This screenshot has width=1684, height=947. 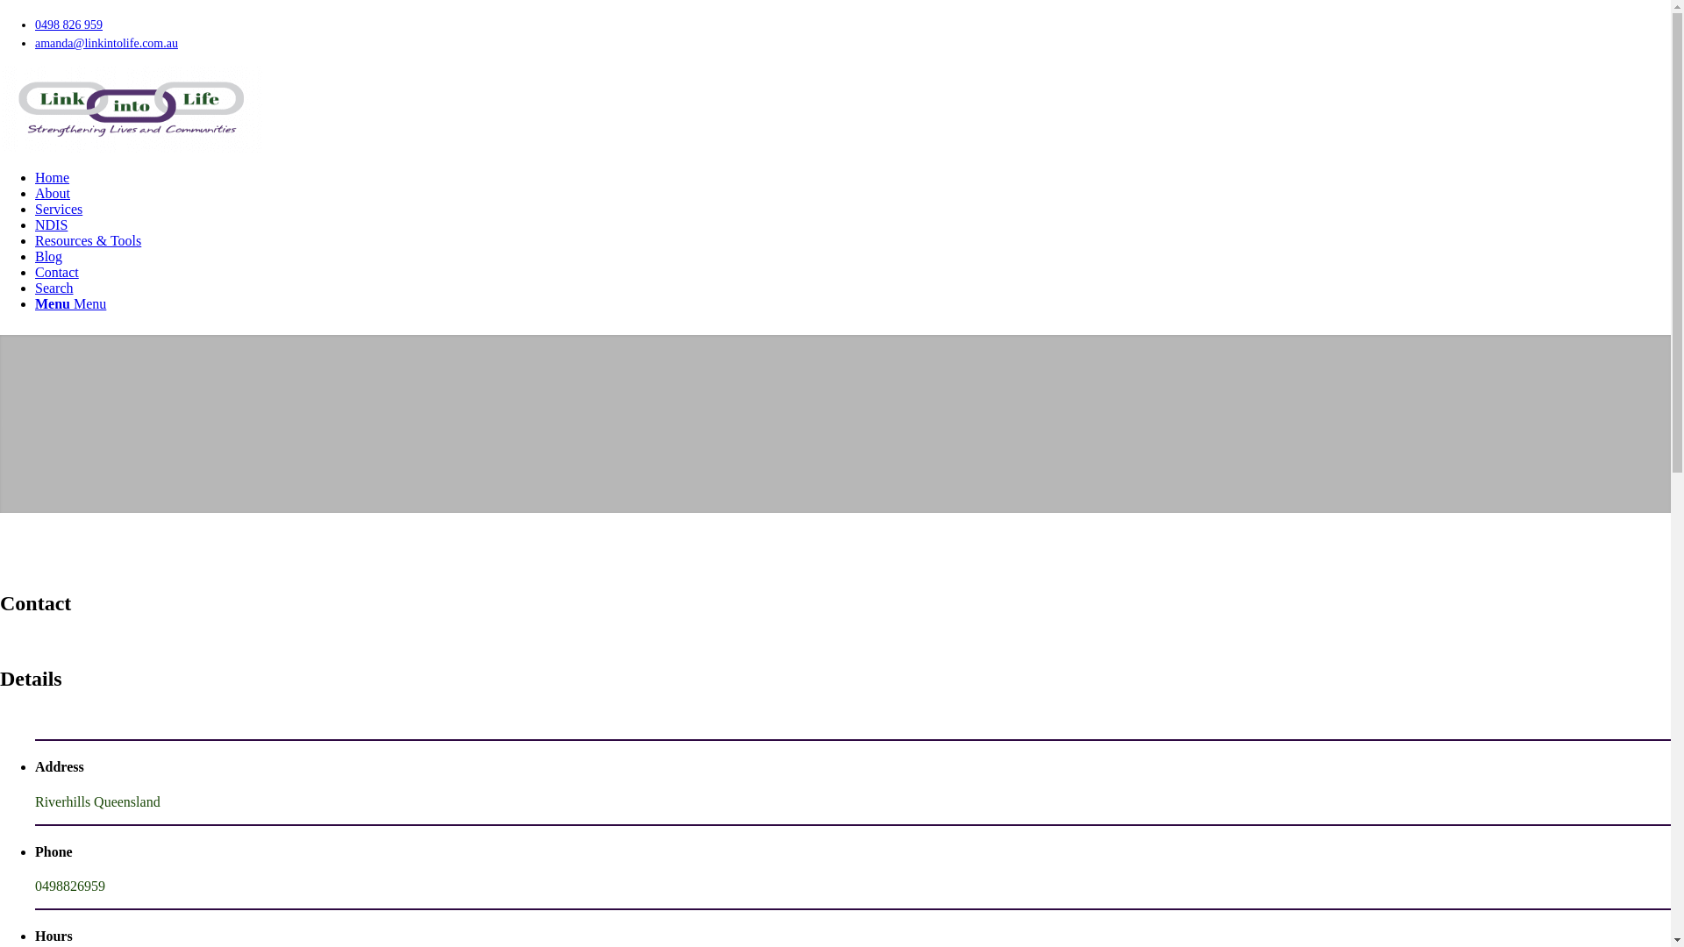 I want to click on 'Resources & Tools', so click(x=87, y=240).